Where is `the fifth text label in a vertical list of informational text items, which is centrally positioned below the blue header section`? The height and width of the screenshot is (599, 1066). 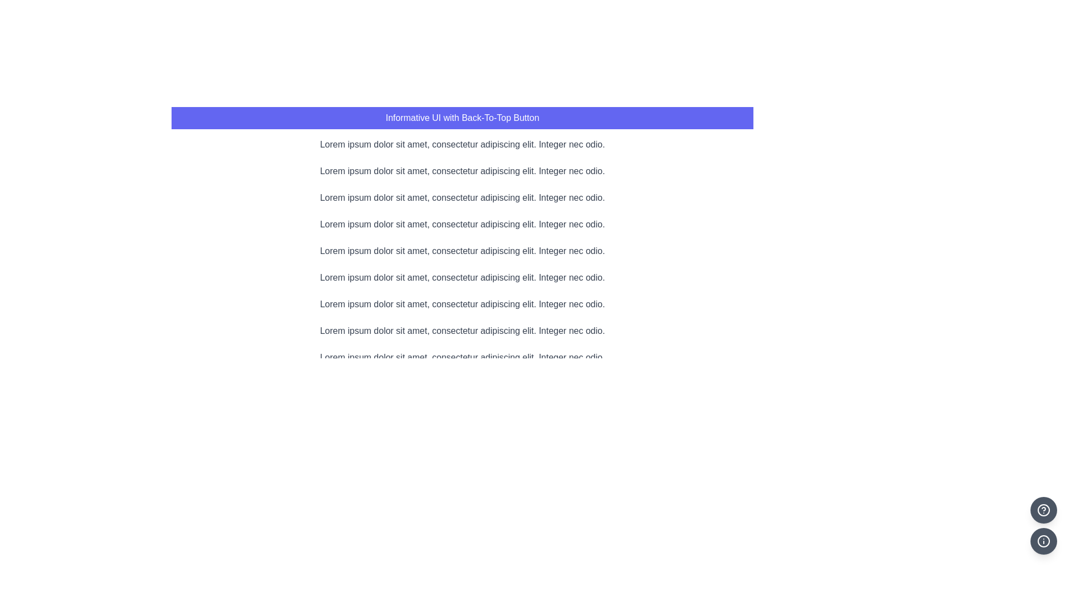
the fifth text label in a vertical list of informational text items, which is centrally positioned below the blue header section is located at coordinates (462, 251).